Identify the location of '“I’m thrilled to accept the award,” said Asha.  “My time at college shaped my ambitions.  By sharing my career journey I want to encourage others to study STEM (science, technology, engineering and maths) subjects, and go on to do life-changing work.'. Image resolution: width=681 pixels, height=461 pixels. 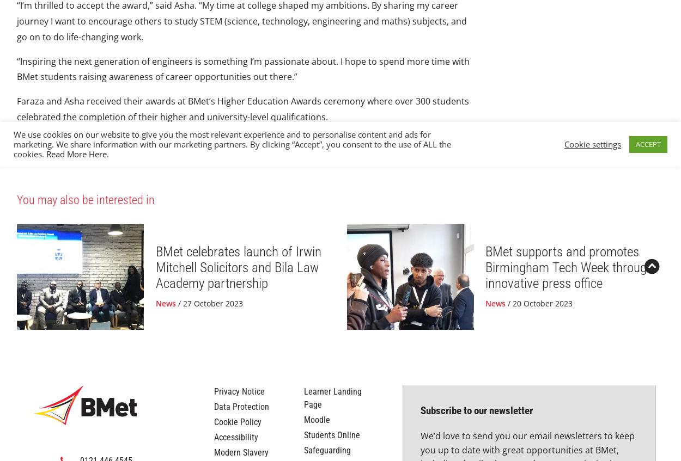
(241, 100).